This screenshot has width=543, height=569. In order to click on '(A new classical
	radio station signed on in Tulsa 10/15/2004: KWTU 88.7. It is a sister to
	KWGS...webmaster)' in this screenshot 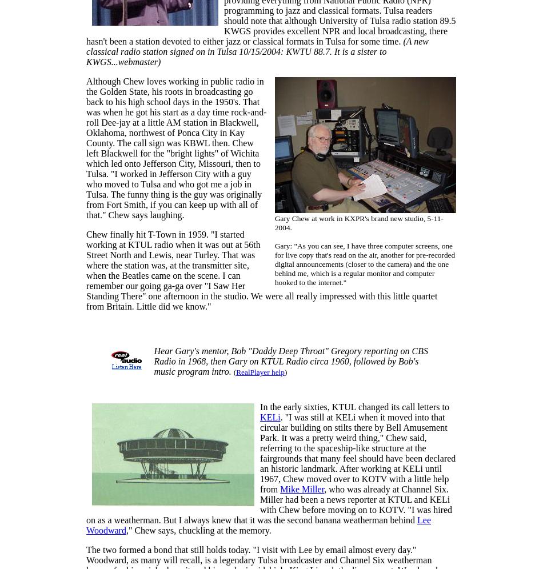, I will do `click(86, 51)`.